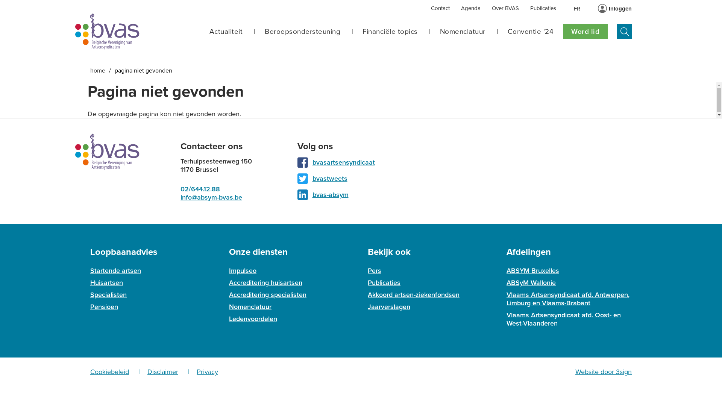 This screenshot has width=722, height=406. Describe the element at coordinates (530, 31) in the screenshot. I see `'Conventie '24'` at that location.